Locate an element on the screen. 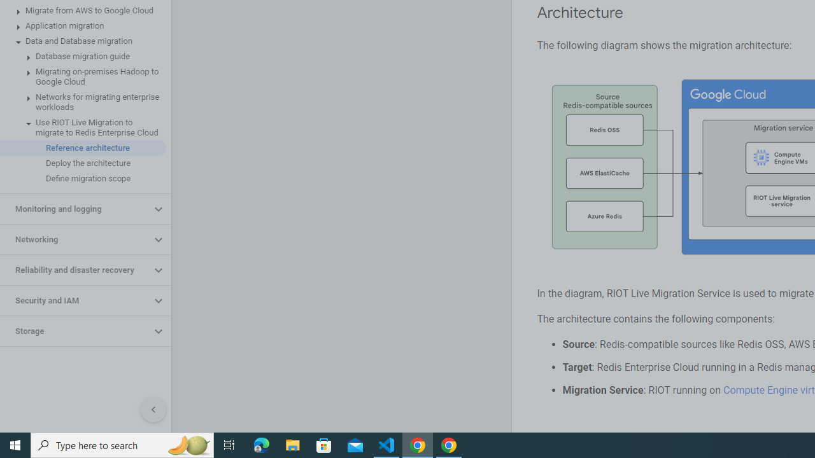 This screenshot has width=815, height=458. 'Deploy the architecture' is located at coordinates (82, 163).